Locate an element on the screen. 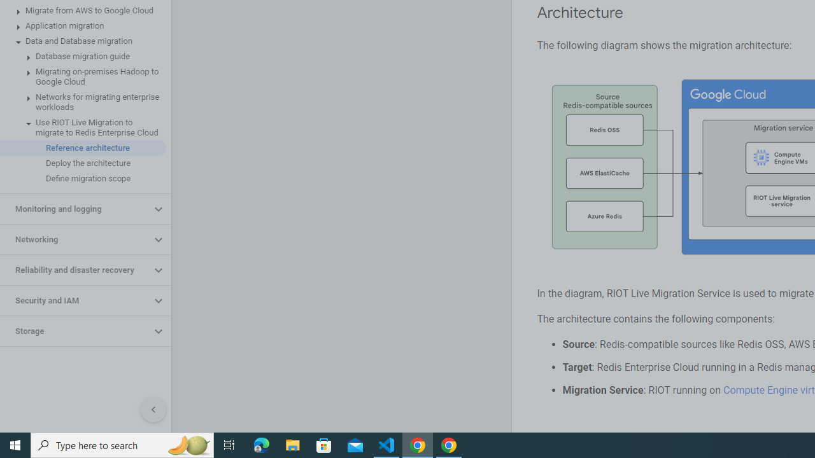 This screenshot has width=815, height=458. 'Deploy the architecture' is located at coordinates (82, 163).